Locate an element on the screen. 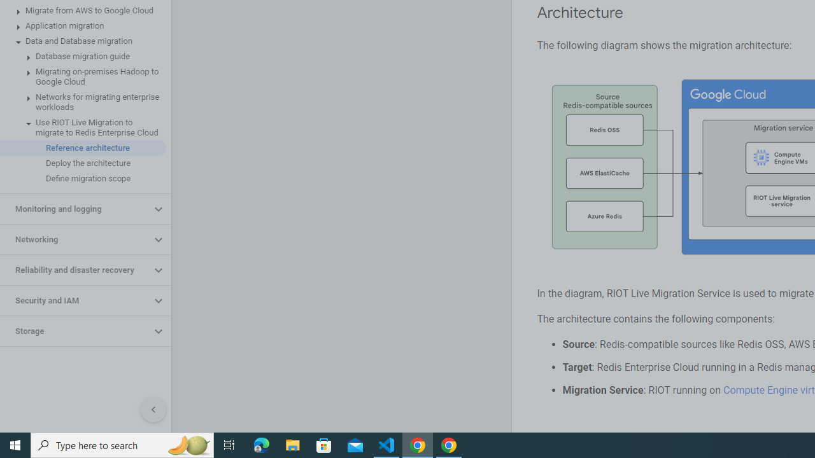 This screenshot has width=815, height=458. 'Deploy the architecture' is located at coordinates (82, 163).